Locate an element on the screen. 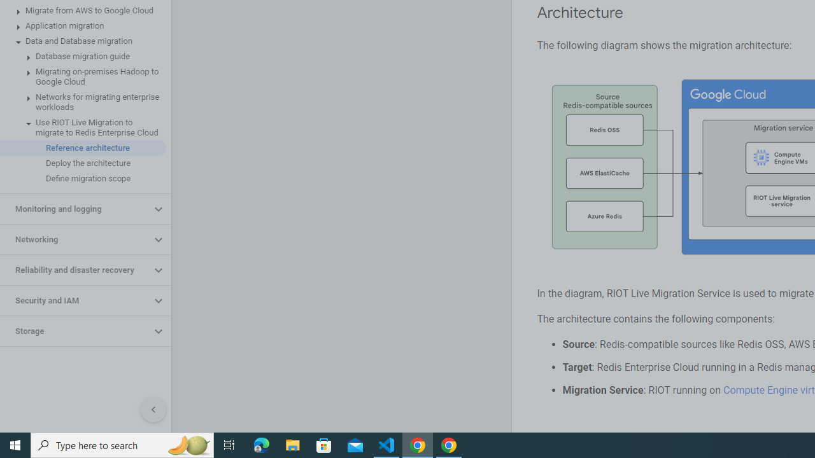 This screenshot has width=815, height=458. 'Deploy the architecture' is located at coordinates (82, 163).